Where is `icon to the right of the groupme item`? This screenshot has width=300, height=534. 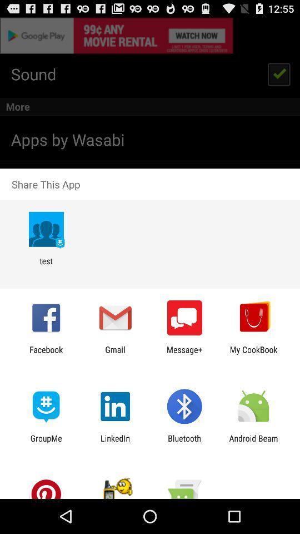 icon to the right of the groupme item is located at coordinates (114, 443).